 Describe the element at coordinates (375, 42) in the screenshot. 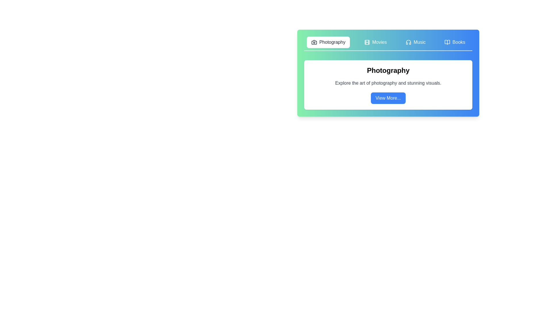

I see `the Movies tab to view its content` at that location.